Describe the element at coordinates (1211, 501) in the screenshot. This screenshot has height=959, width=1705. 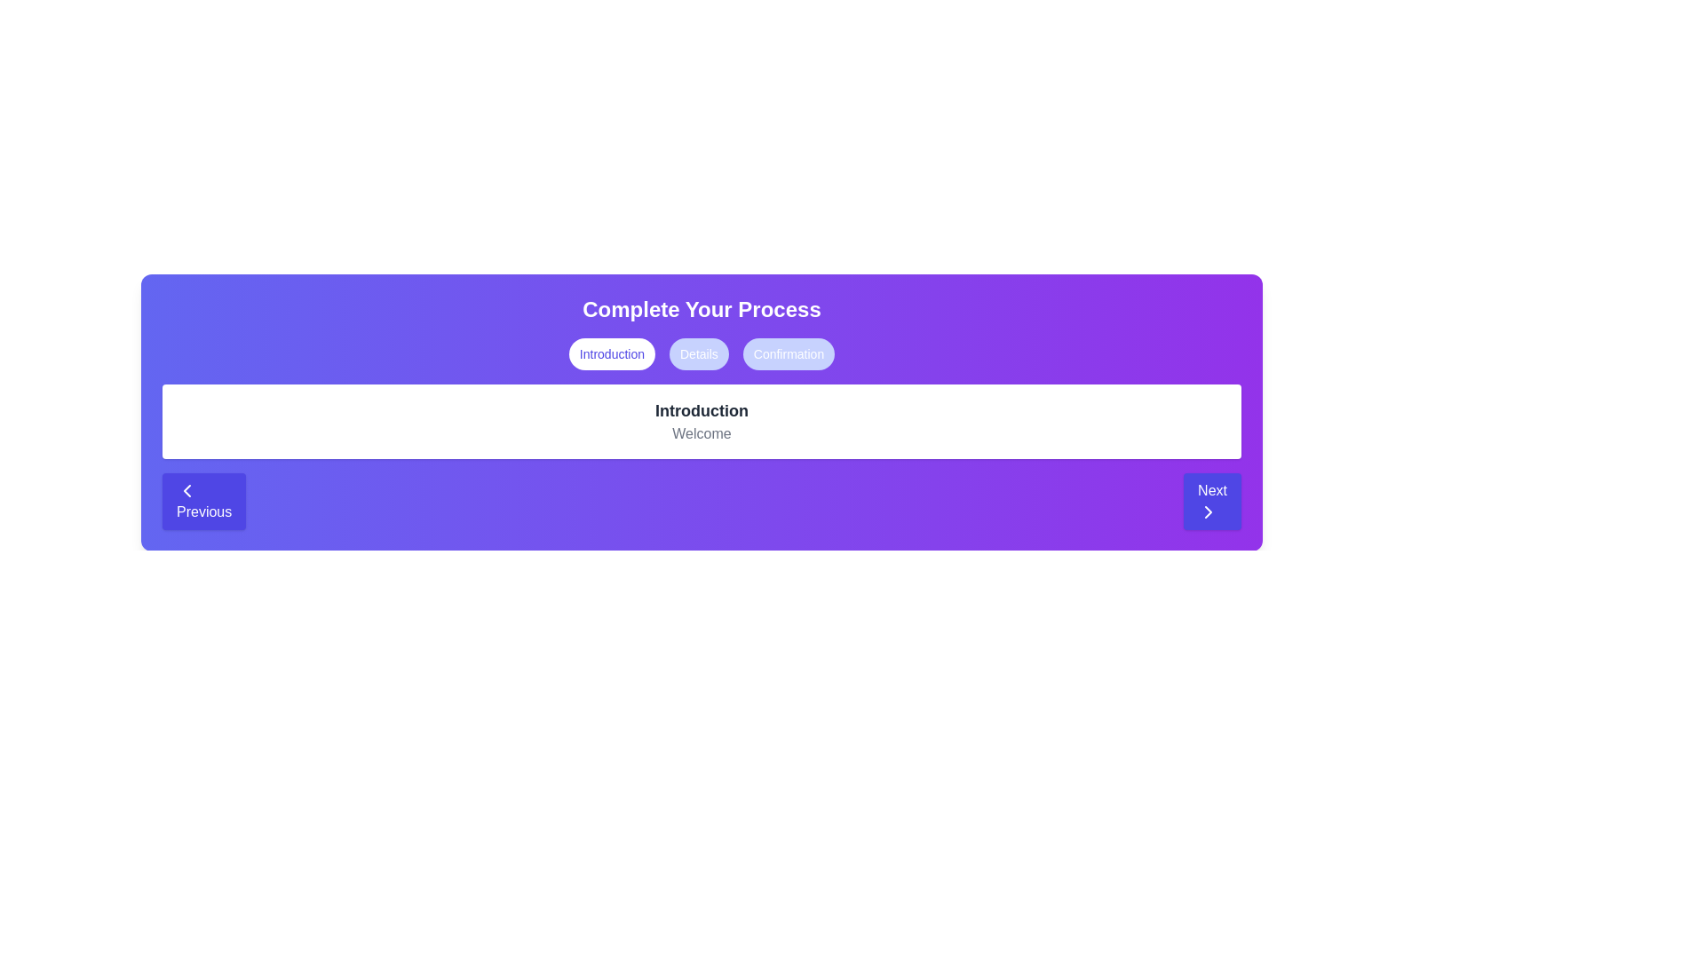
I see `the 'Next' navigation button located at the bottom-right corner of the interface` at that location.